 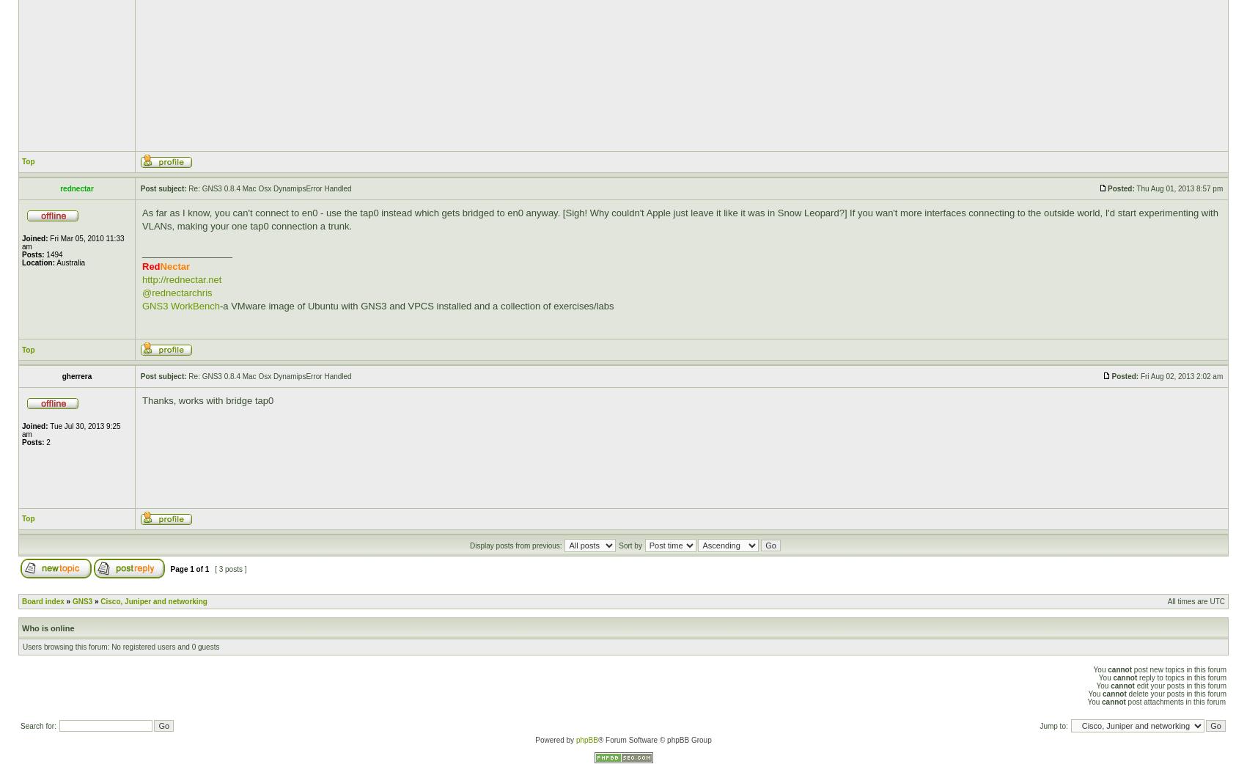 What do you see at coordinates (38, 261) in the screenshot?
I see `'Location:'` at bounding box center [38, 261].